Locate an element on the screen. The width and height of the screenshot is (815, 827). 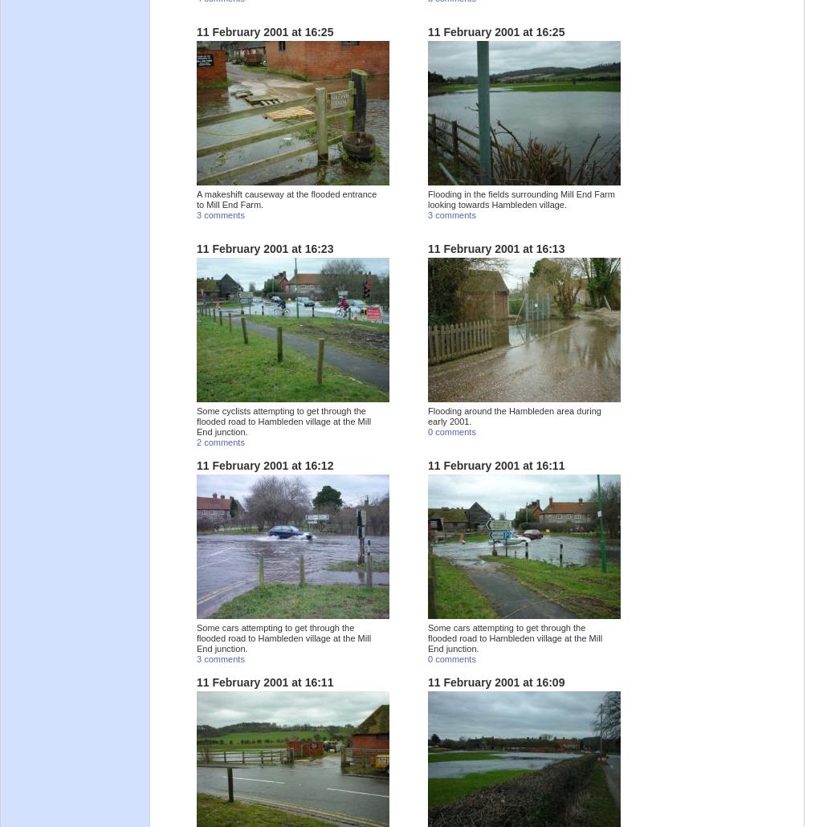
'11 February 2001 at 16:12' is located at coordinates (263, 465).